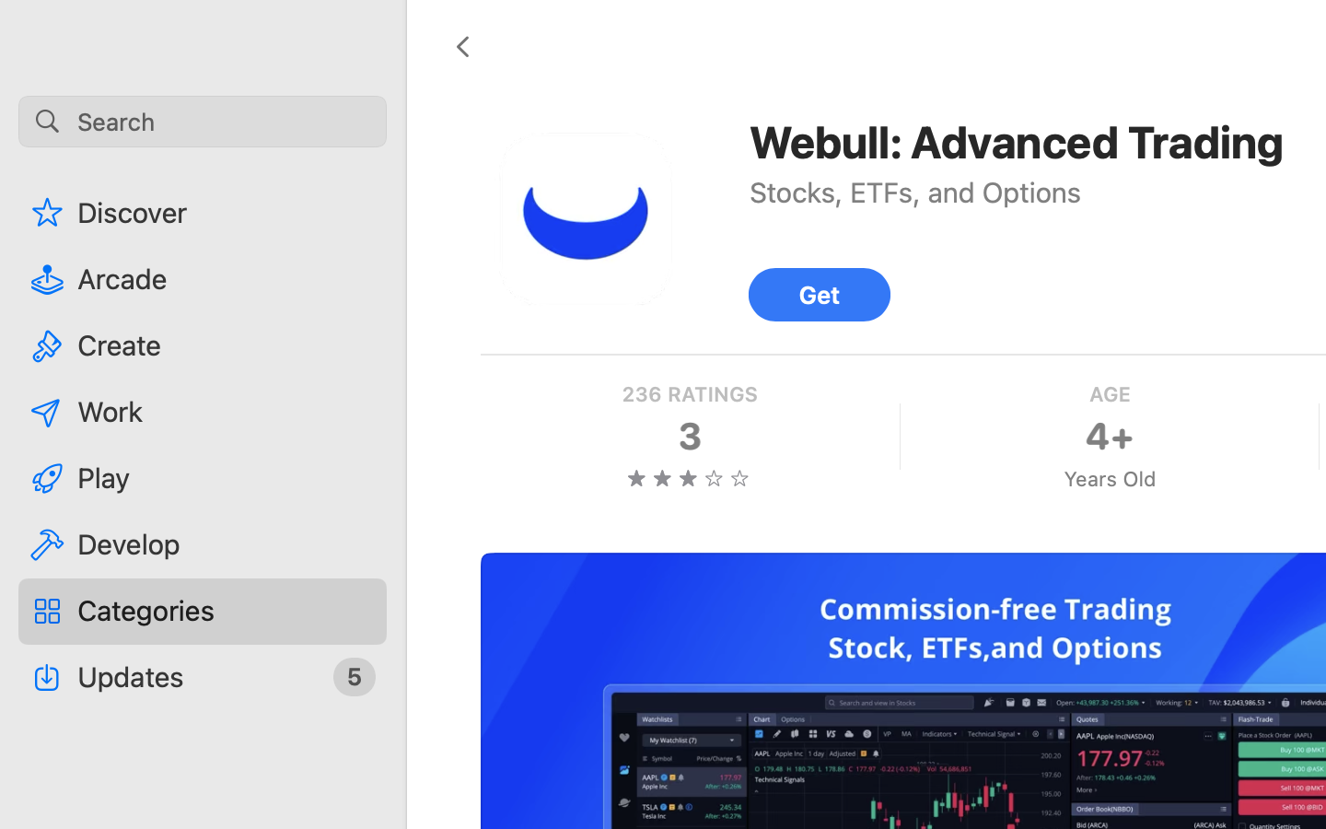  What do you see at coordinates (688, 394) in the screenshot?
I see `'236 RATINGS'` at bounding box center [688, 394].